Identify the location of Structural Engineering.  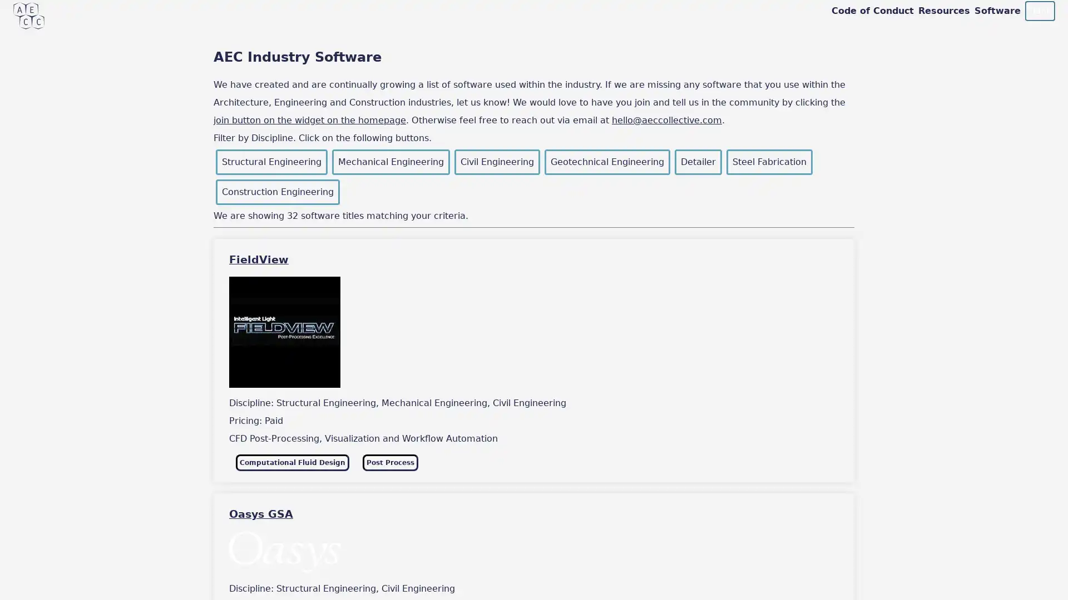
(271, 162).